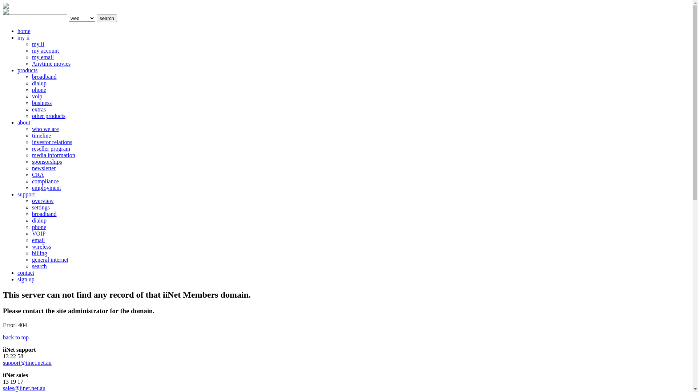  Describe the element at coordinates (16, 337) in the screenshot. I see `'back to top'` at that location.